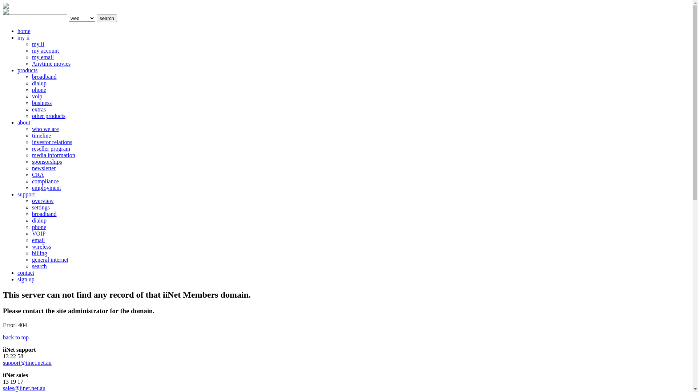  Describe the element at coordinates (16, 337) in the screenshot. I see `'back to top'` at that location.